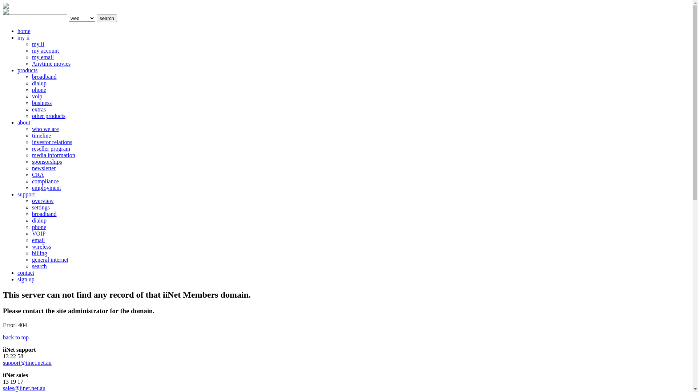  Describe the element at coordinates (16, 337) in the screenshot. I see `'back to top'` at that location.